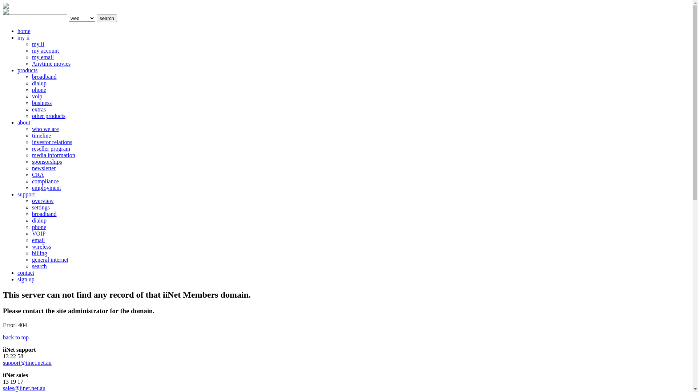  Describe the element at coordinates (16, 337) in the screenshot. I see `'back to top'` at that location.